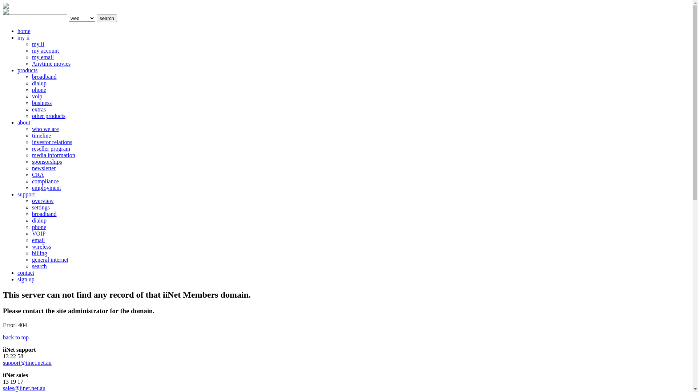  Describe the element at coordinates (16, 337) in the screenshot. I see `'back to top'` at that location.